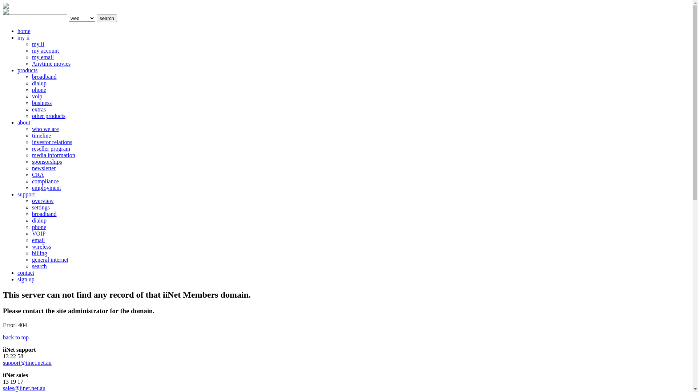  Describe the element at coordinates (16, 337) in the screenshot. I see `'back to top'` at that location.